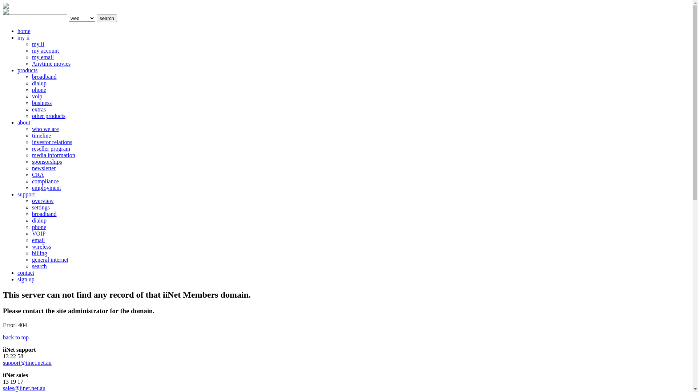  Describe the element at coordinates (16, 337) in the screenshot. I see `'back to top'` at that location.